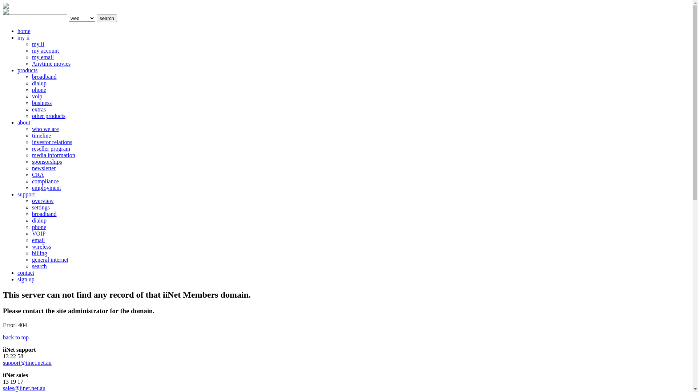  Describe the element at coordinates (16, 337) in the screenshot. I see `'back to top'` at that location.